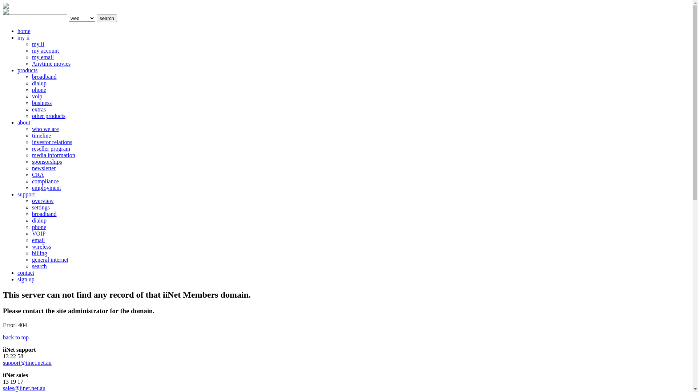  Describe the element at coordinates (16, 337) in the screenshot. I see `'back to top'` at that location.